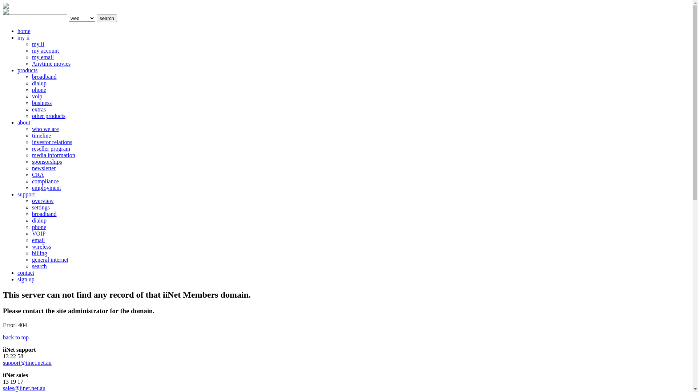  Describe the element at coordinates (16, 337) in the screenshot. I see `'back to top'` at that location.